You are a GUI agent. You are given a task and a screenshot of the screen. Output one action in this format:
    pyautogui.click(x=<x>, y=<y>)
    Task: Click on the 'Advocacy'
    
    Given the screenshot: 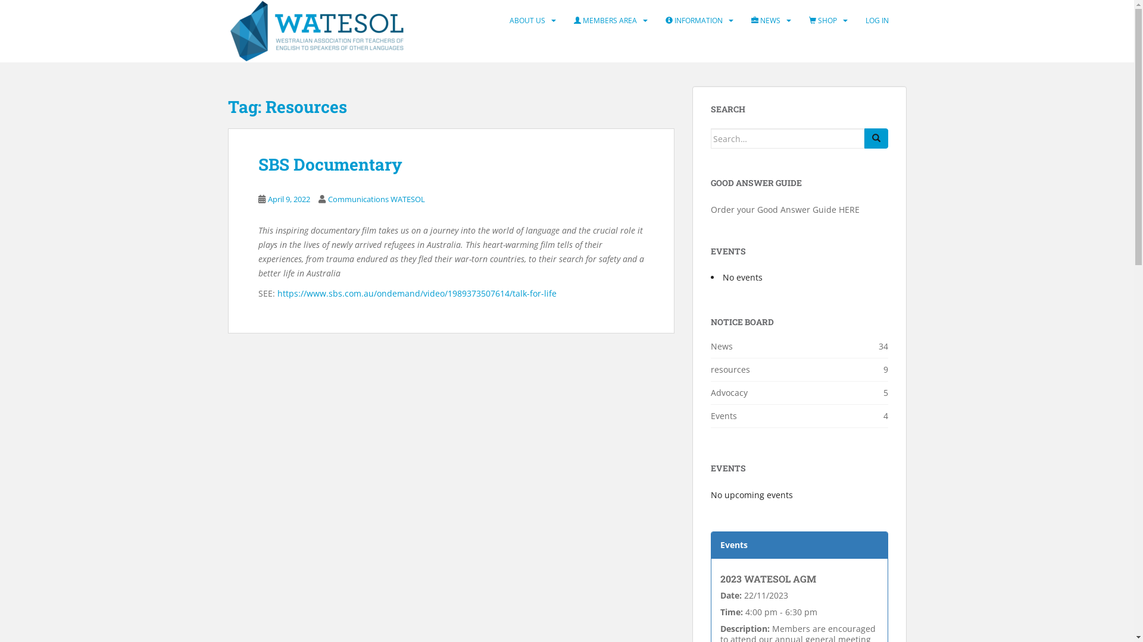 What is the action you would take?
    pyautogui.click(x=728, y=392)
    